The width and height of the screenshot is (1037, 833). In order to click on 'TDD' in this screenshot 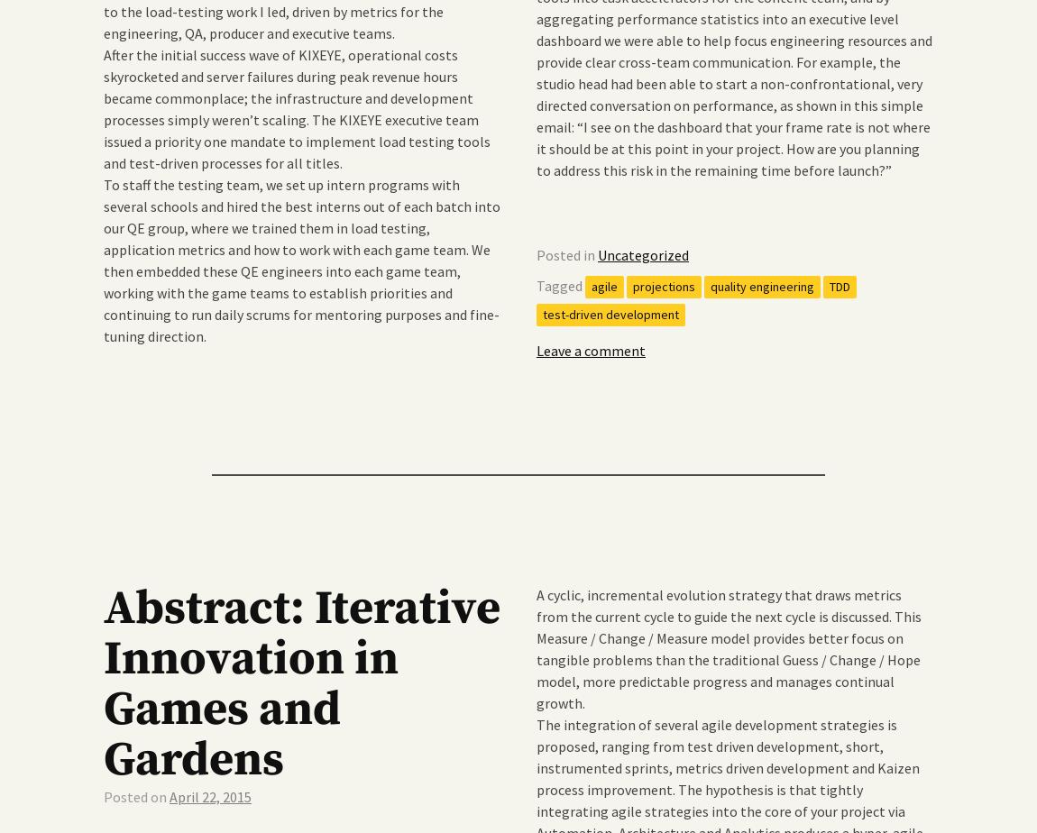, I will do `click(840, 286)`.